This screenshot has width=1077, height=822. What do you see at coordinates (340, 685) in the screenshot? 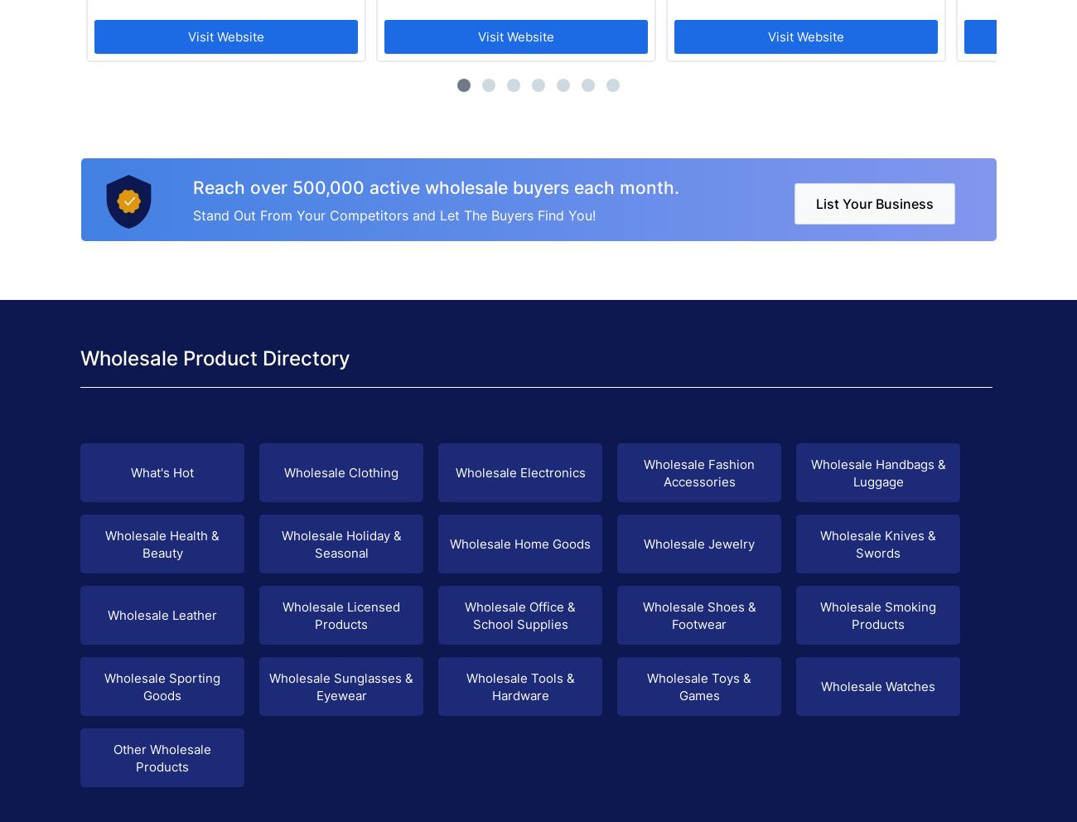
I see `'Wholesale Sunglasses & Eyewear'` at bounding box center [340, 685].